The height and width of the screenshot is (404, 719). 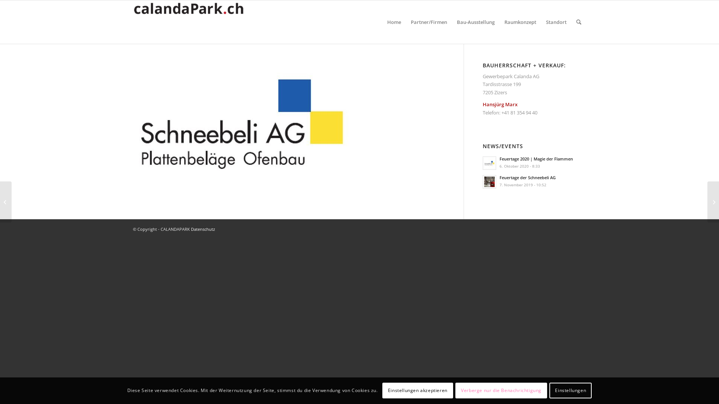 What do you see at coordinates (451, 21) in the screenshot?
I see `'Bau-Ausstellung'` at bounding box center [451, 21].